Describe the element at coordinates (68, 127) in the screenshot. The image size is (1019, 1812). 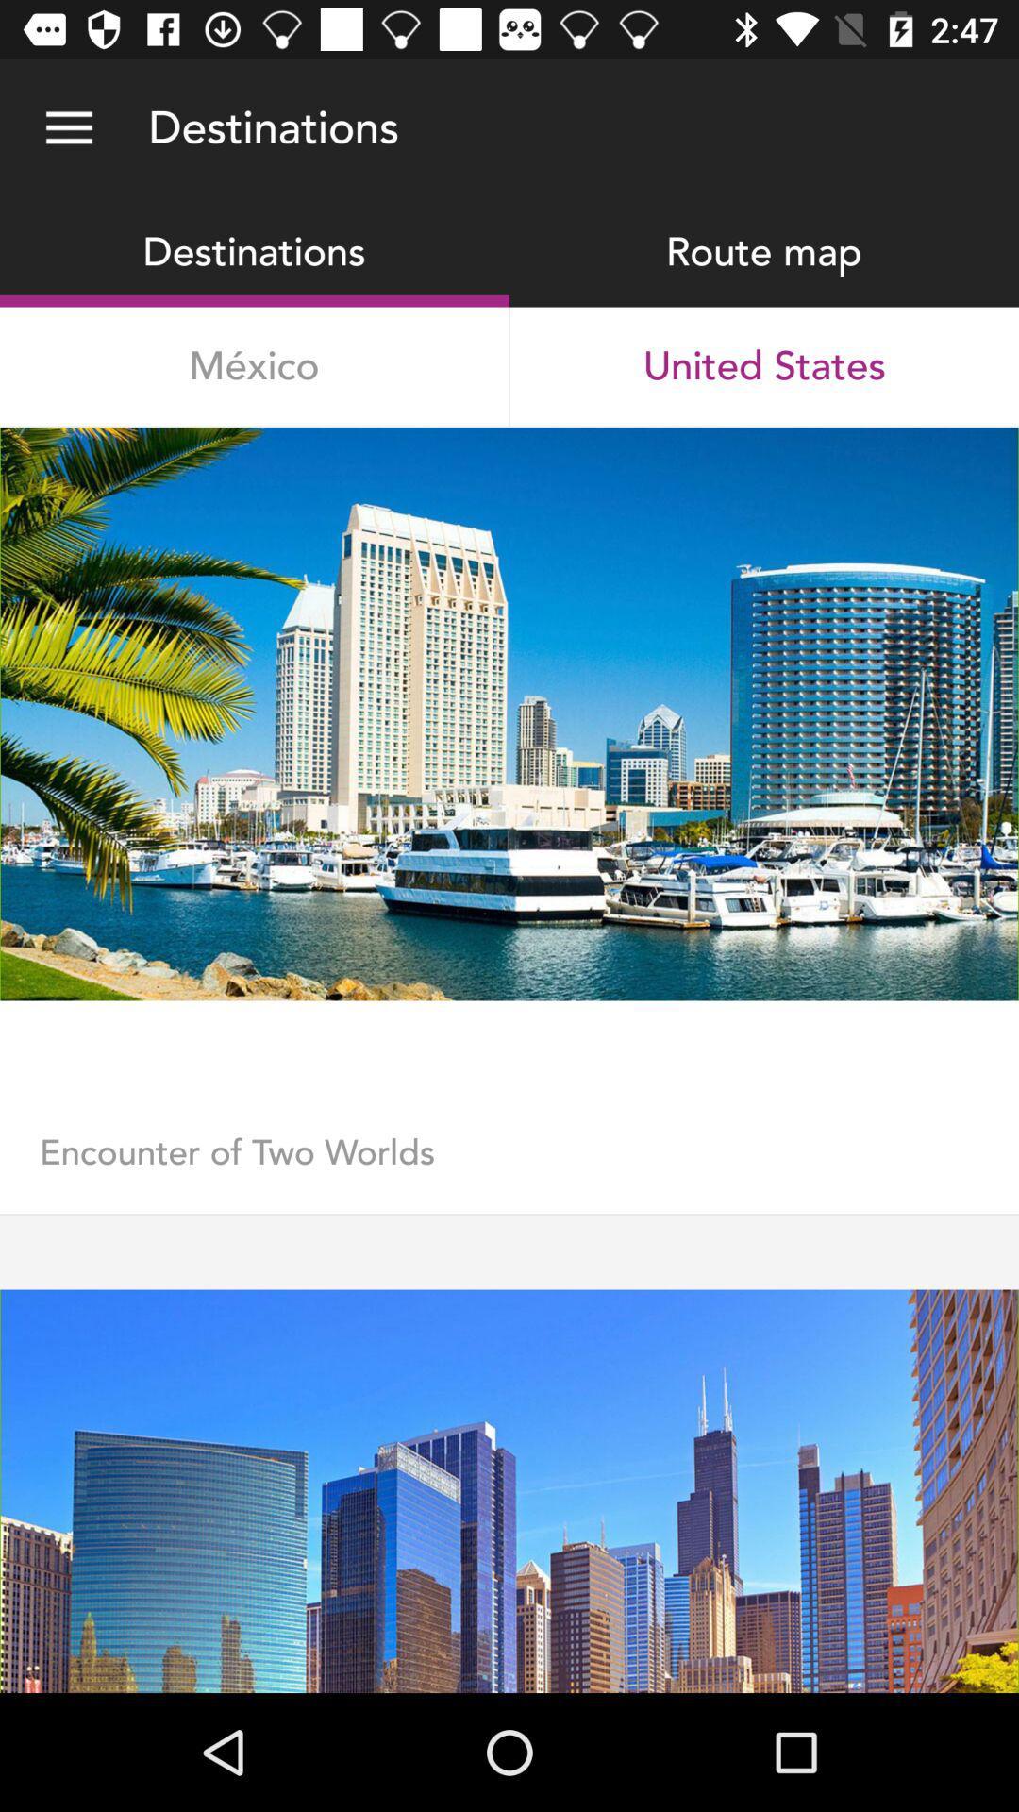
I see `the icon to the left of destinations` at that location.